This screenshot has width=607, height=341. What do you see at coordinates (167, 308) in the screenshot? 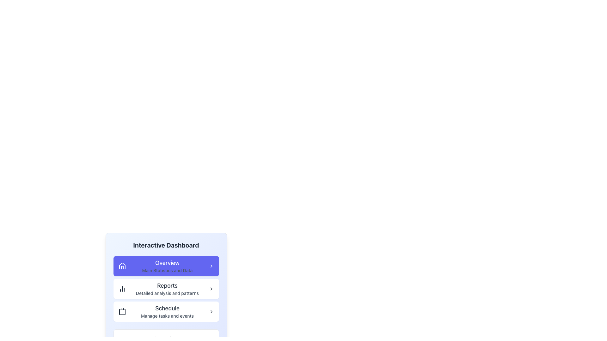
I see `the 'Schedule' text label within the navigation menu, which is positioned below the 'Overview' and 'Reports' options and serves as the title for that section` at bounding box center [167, 308].